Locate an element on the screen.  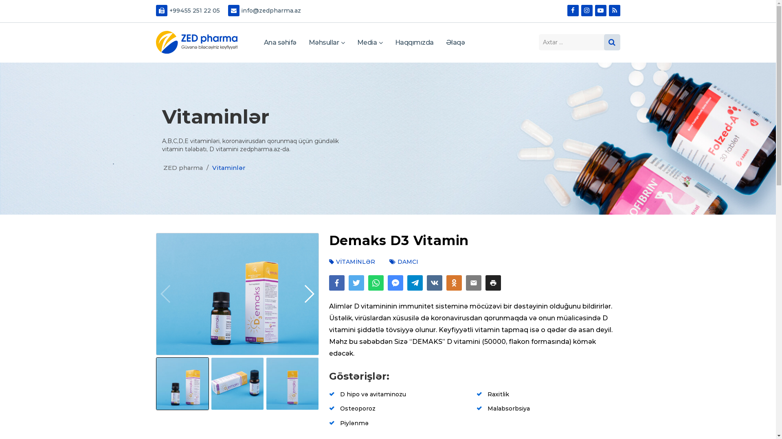
'+99455 251 22 05' is located at coordinates (152, 11).